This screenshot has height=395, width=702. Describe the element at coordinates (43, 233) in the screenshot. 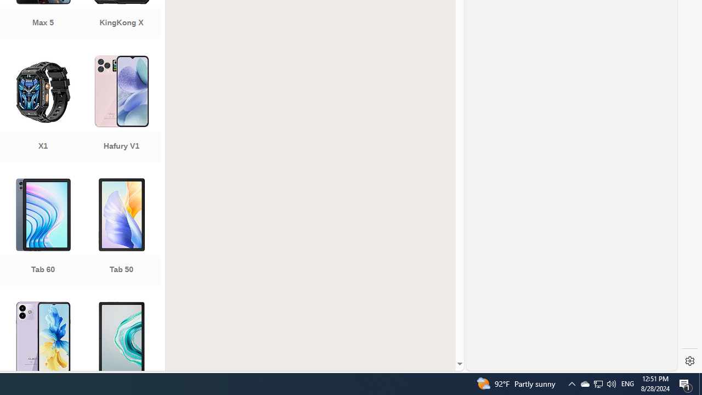

I see `'Tab 60'` at that location.